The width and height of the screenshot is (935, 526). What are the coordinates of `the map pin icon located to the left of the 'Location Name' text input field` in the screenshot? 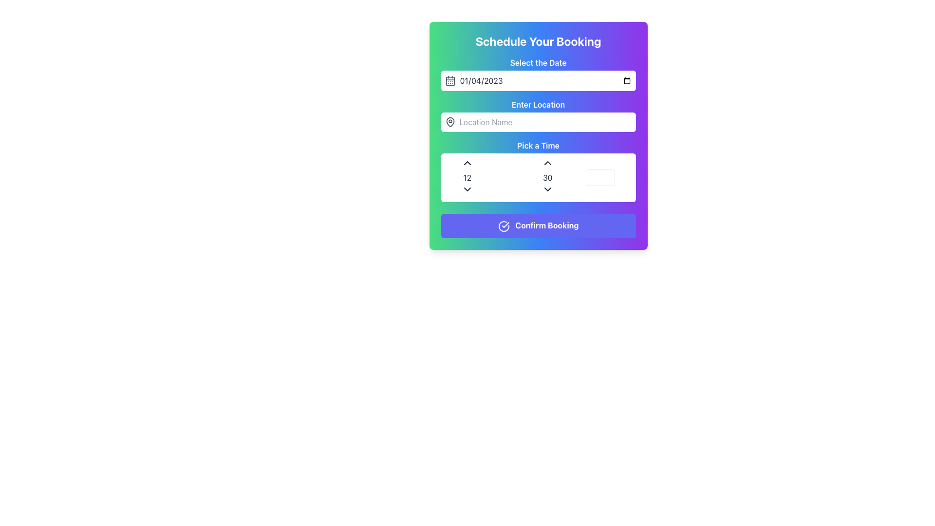 It's located at (449, 121).